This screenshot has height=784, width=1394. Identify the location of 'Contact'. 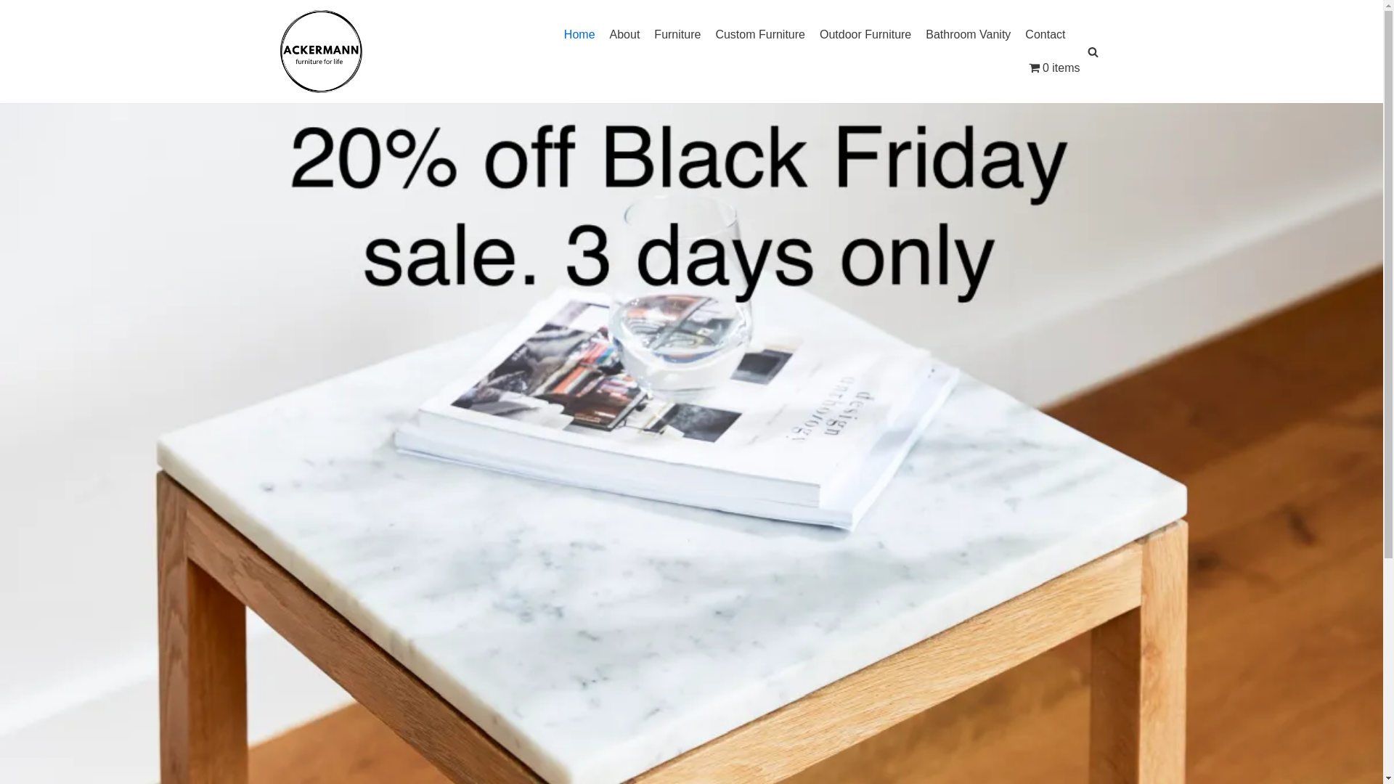
(1044, 33).